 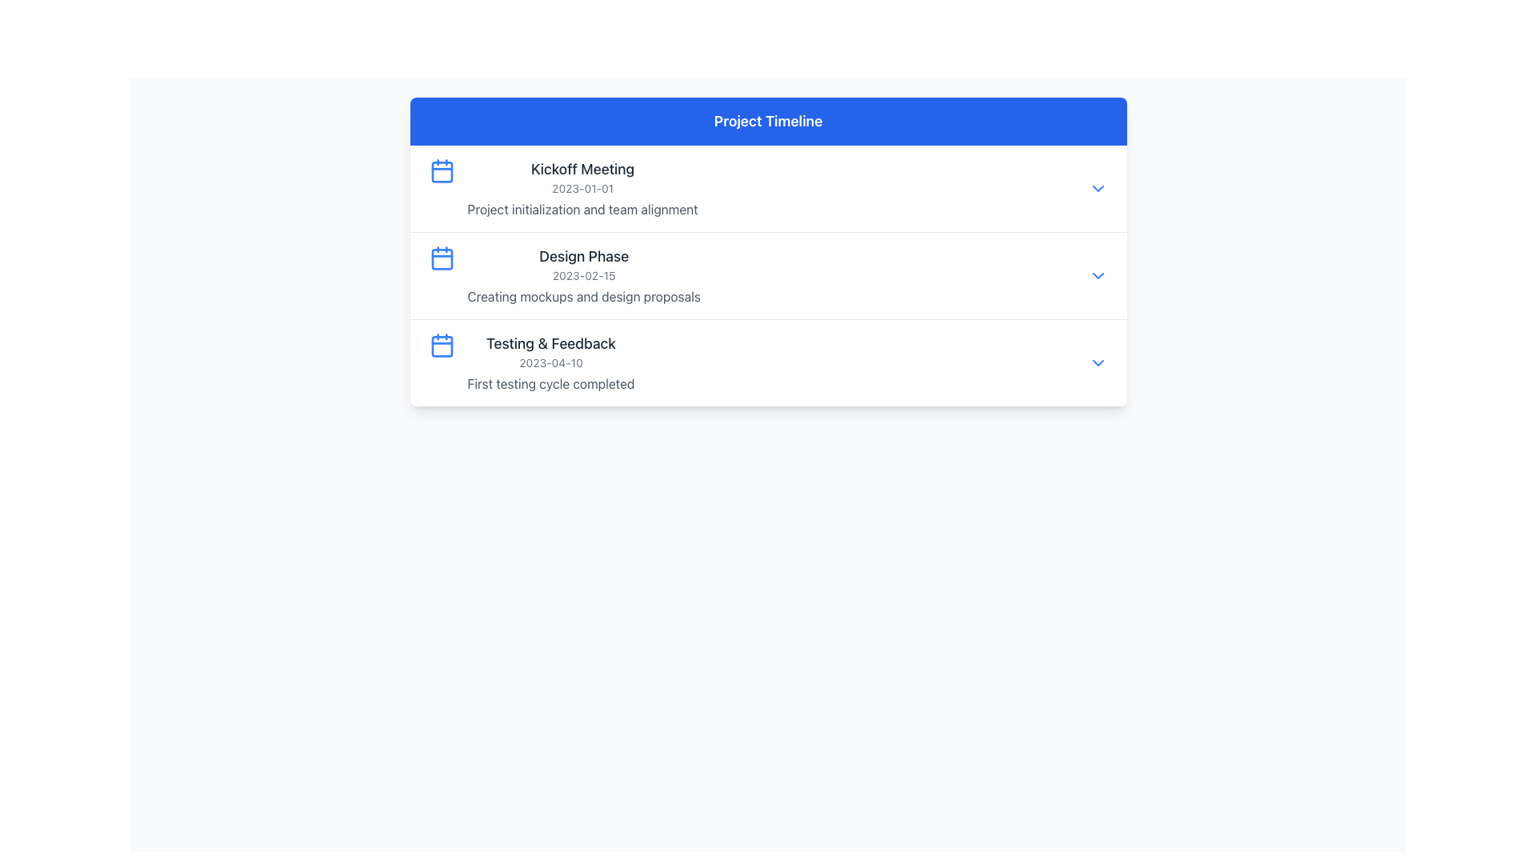 I want to click on the text snippet reading 'First testing cycle completed', which is styled in a standard sans-serif font and is gray in color, located below the date label '2023-04-10' in the 'Testing & Feedback' section, so click(x=551, y=383).